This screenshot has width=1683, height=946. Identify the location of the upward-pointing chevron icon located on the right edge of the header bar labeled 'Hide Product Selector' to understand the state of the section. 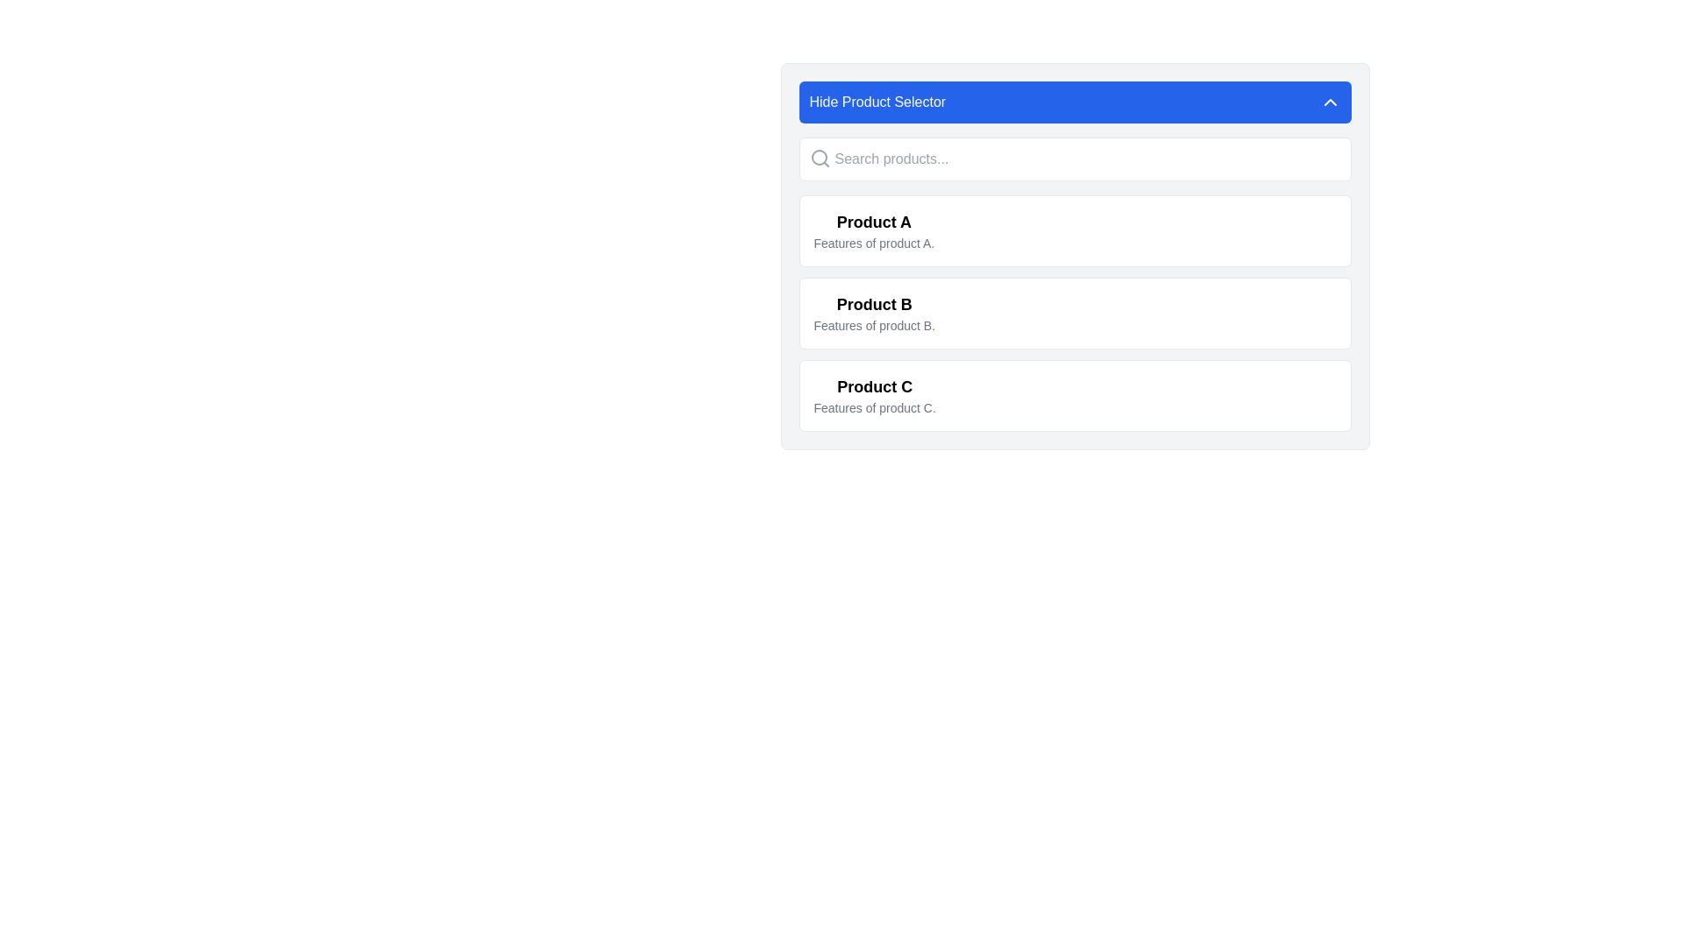
(1330, 102).